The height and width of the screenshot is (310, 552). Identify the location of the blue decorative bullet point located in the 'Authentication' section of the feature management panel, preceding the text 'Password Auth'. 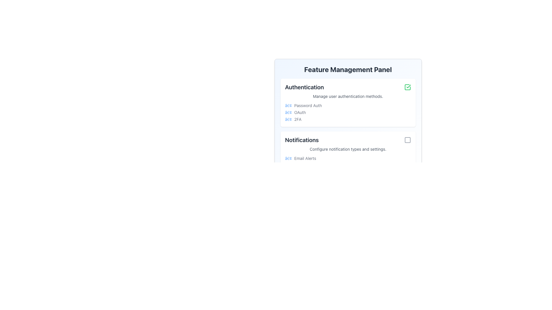
(288, 105).